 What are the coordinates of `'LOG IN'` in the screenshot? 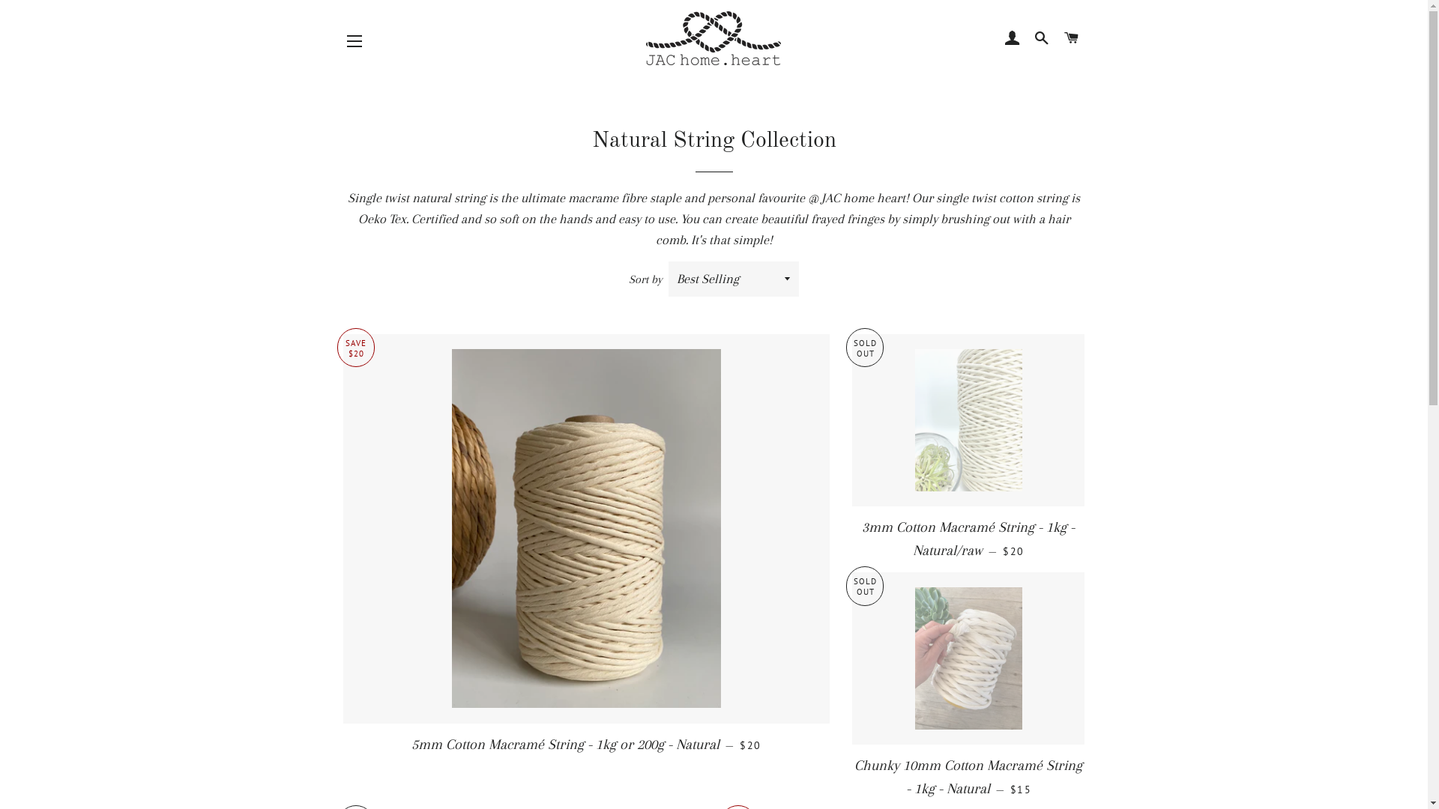 It's located at (1012, 37).